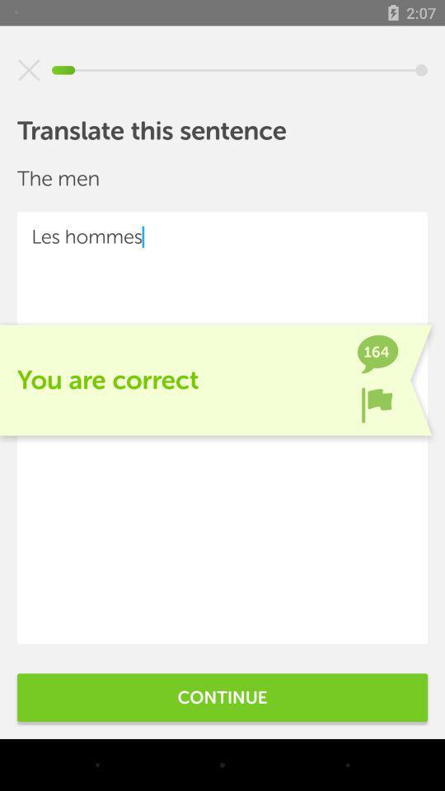 This screenshot has width=445, height=791. Describe the element at coordinates (377, 404) in the screenshot. I see `item next to the you are correct icon` at that location.